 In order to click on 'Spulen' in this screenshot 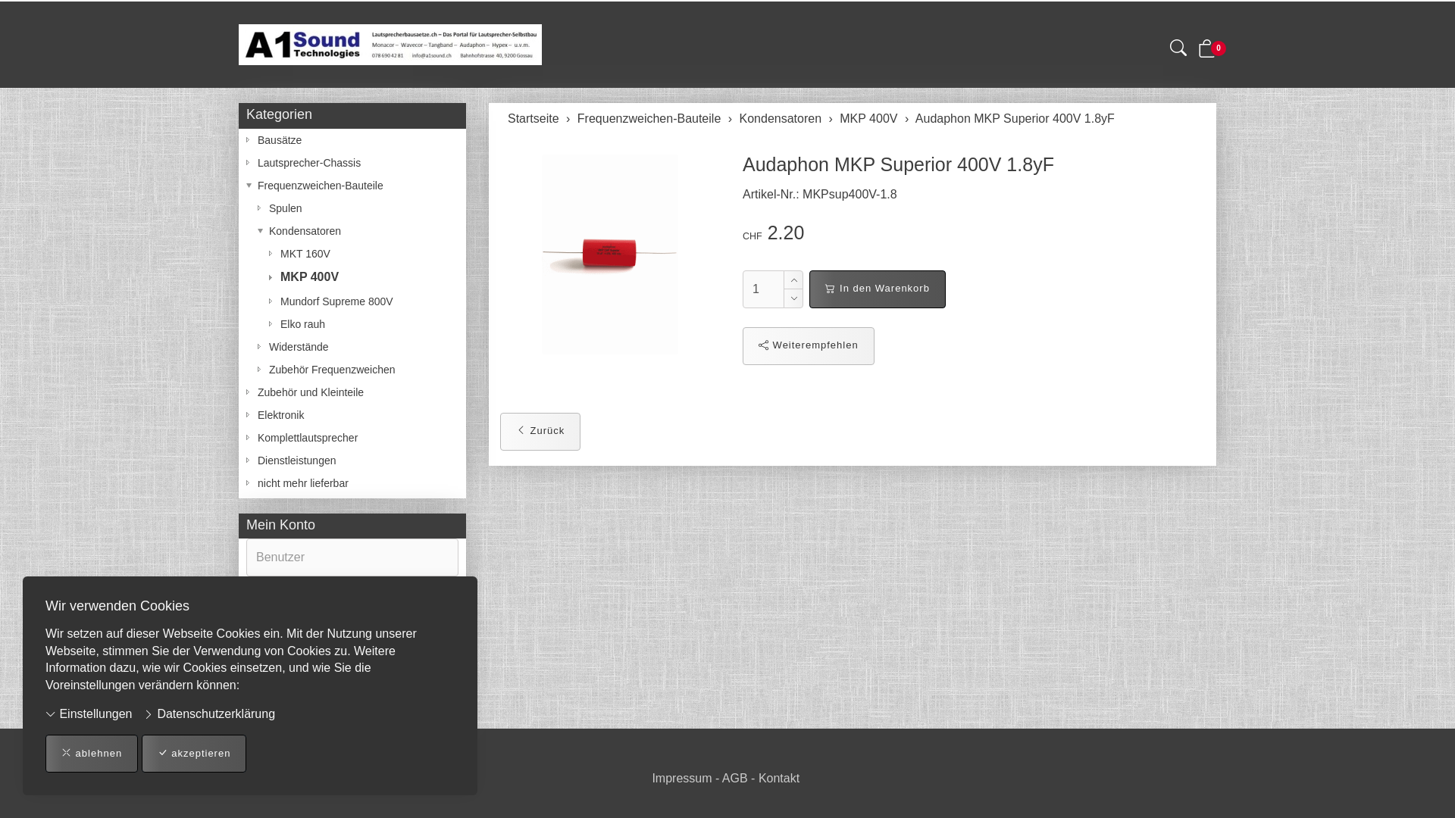, I will do `click(352, 208)`.